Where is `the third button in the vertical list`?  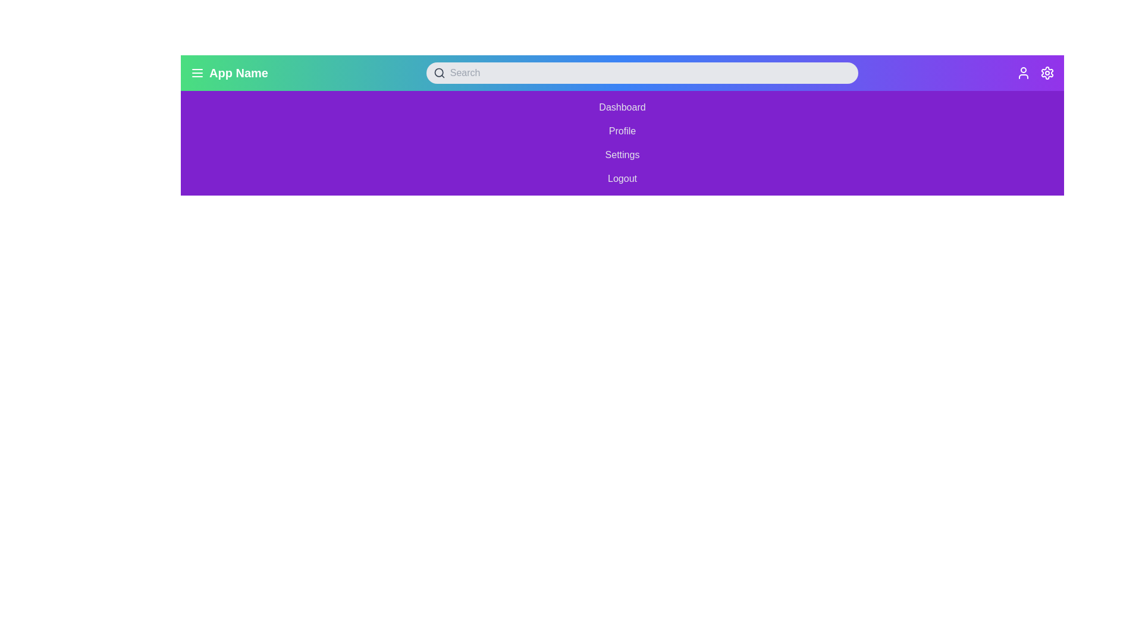 the third button in the vertical list is located at coordinates (622, 155).